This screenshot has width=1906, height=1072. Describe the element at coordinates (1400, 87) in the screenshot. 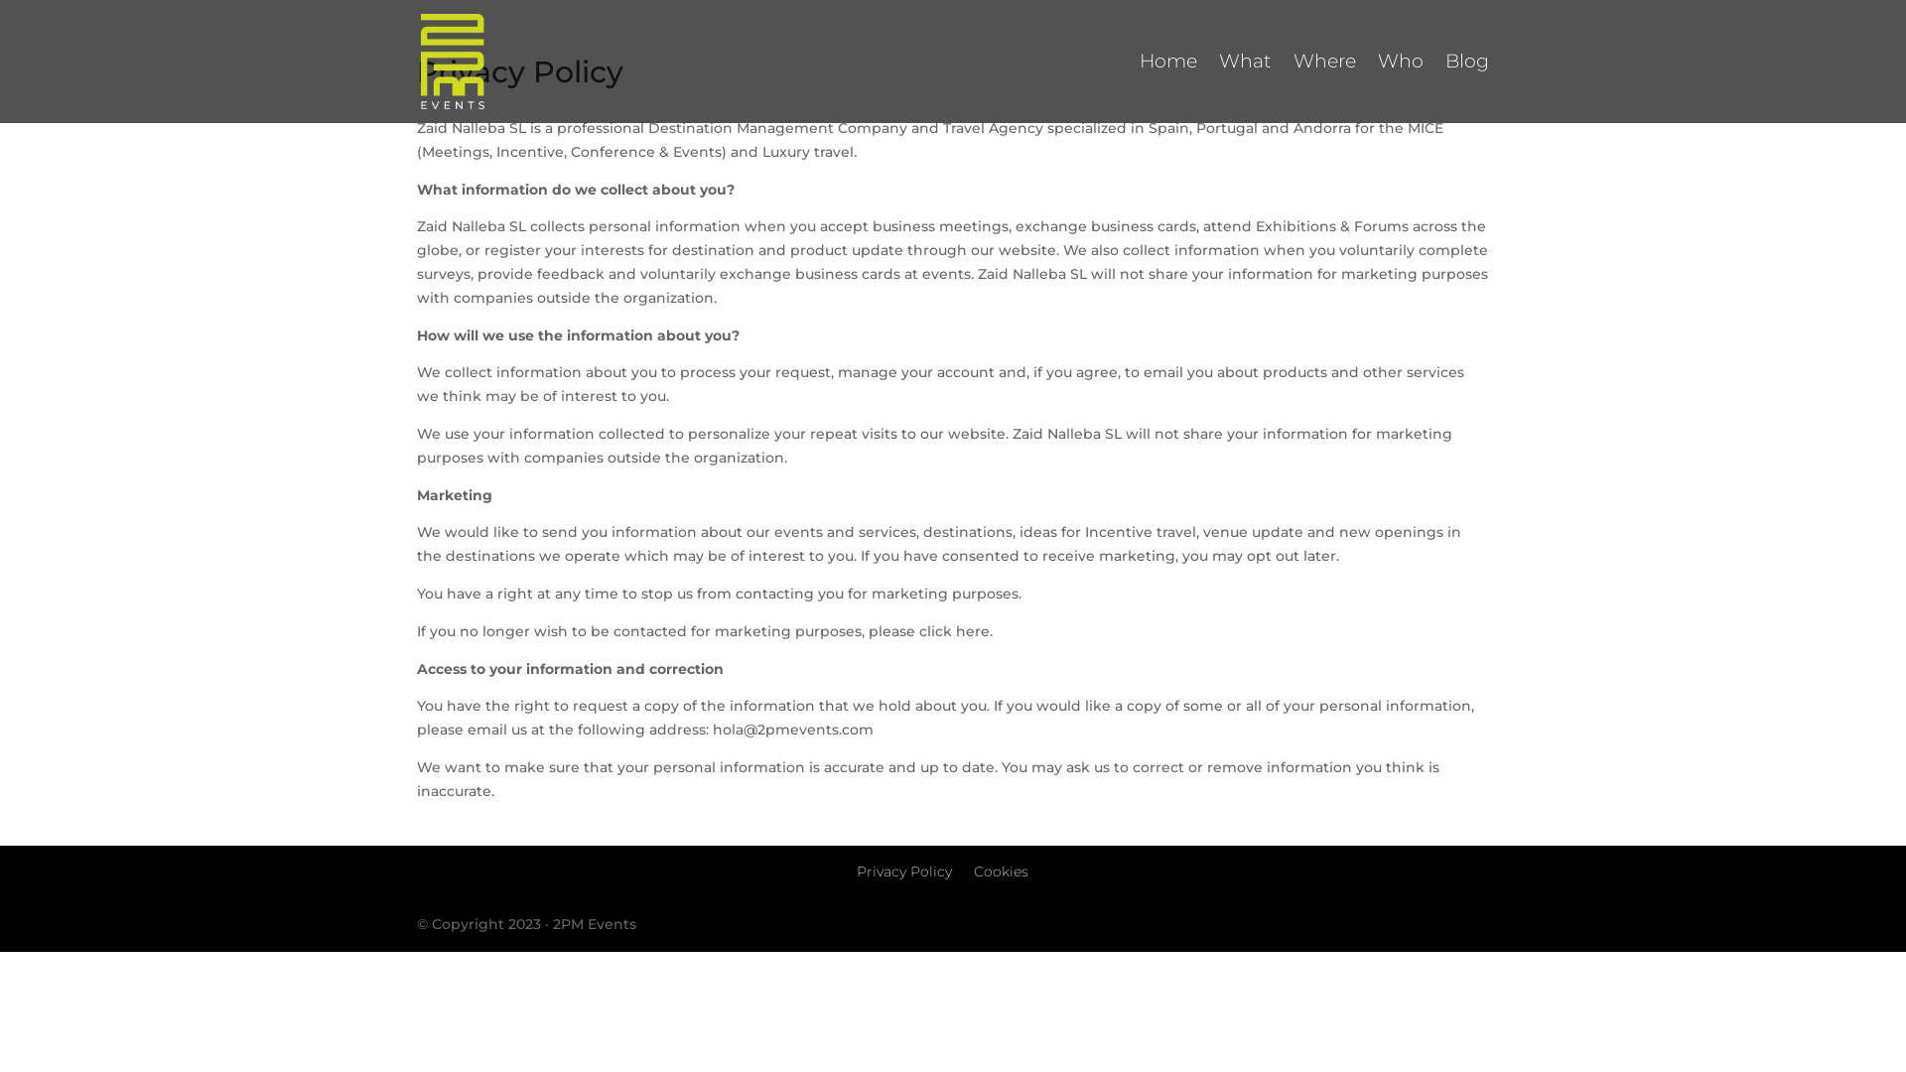

I see `'Who'` at that location.